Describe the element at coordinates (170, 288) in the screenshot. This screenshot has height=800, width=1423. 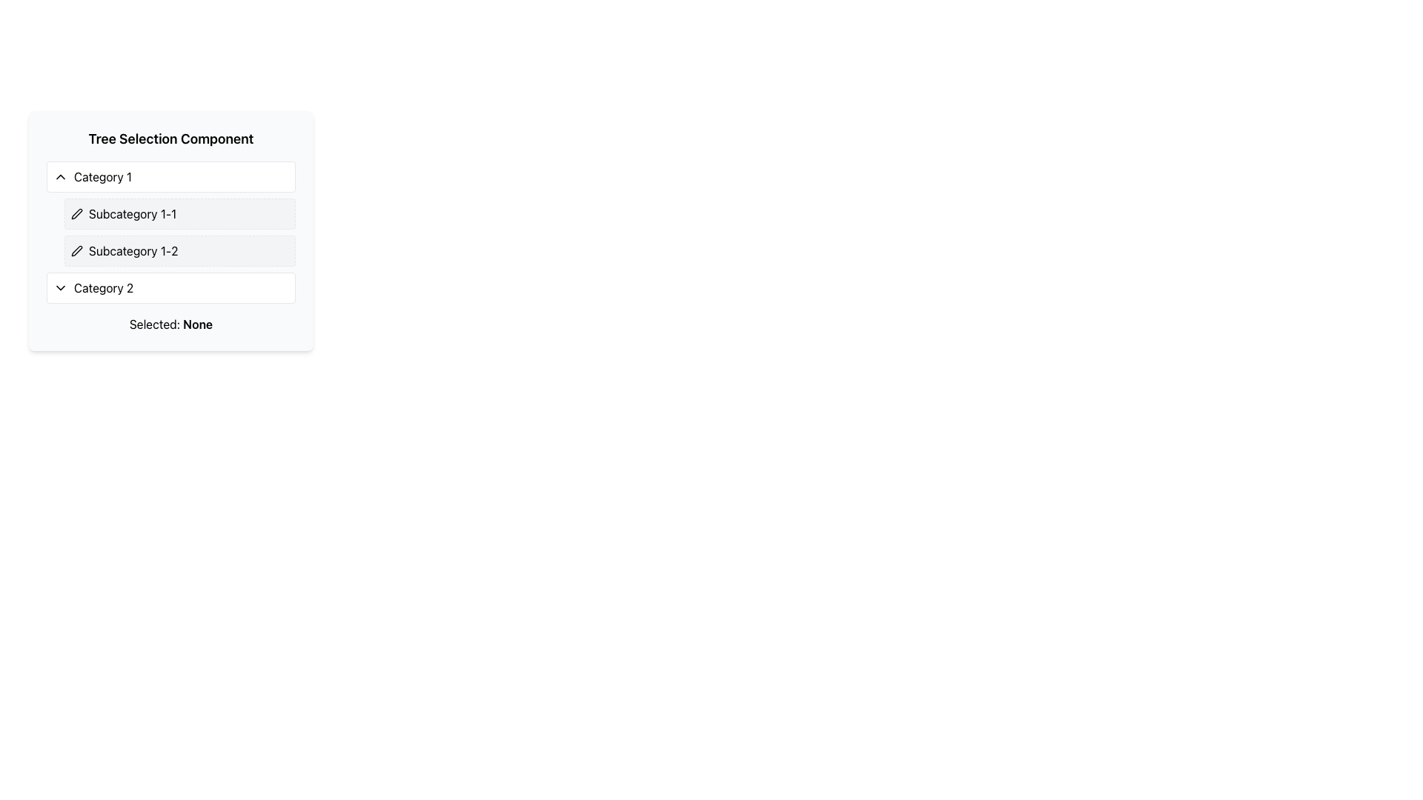
I see `the Category item in the tree selection component` at that location.